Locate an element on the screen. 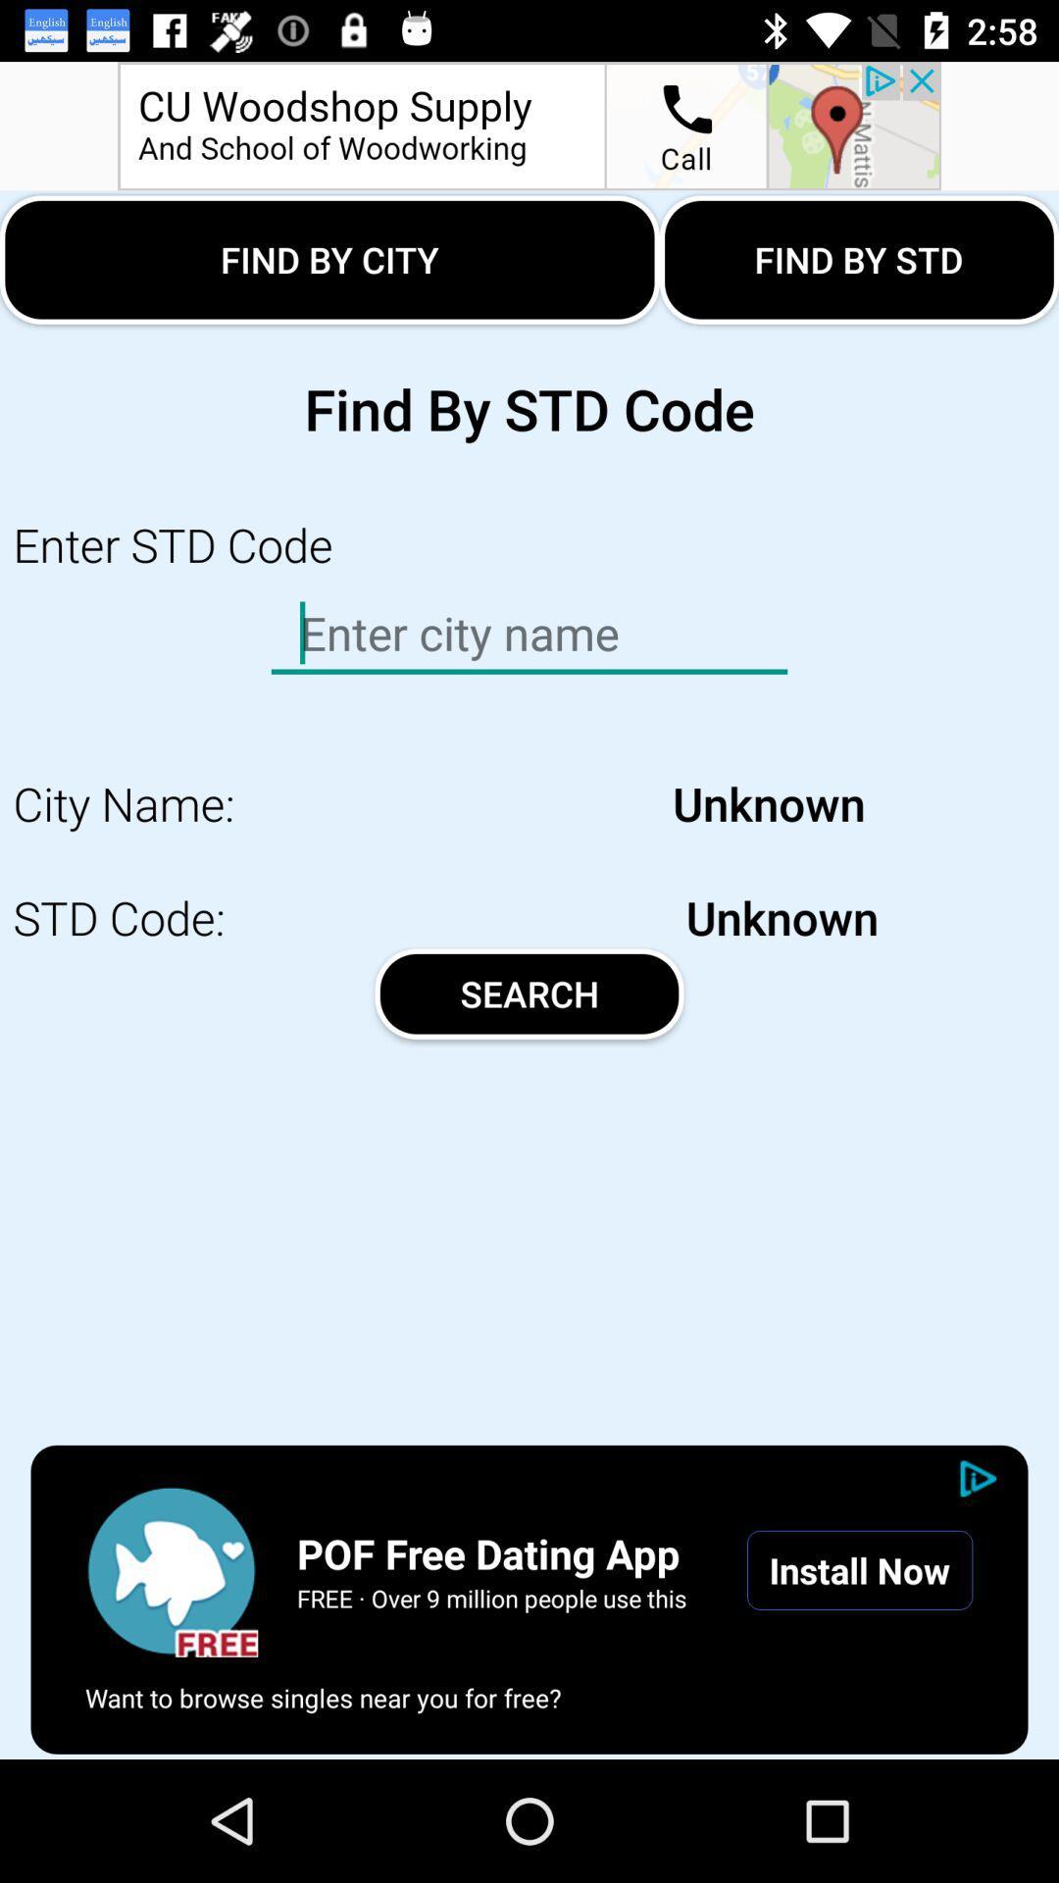 This screenshot has width=1059, height=1883. the enter option is located at coordinates (529, 634).